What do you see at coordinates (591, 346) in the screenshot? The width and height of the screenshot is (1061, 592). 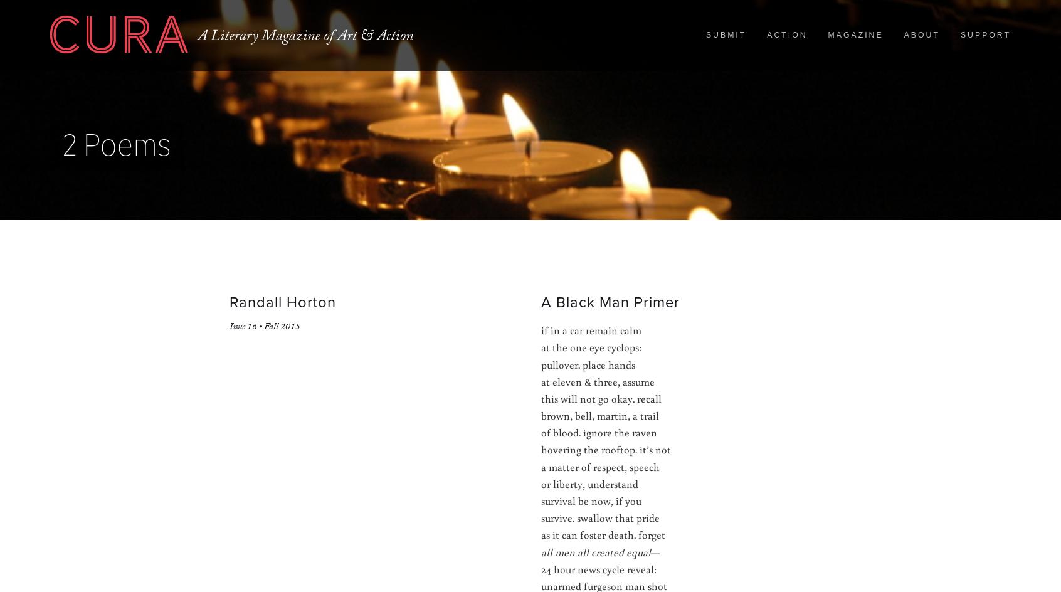 I see `'at the one eye cyclops:'` at bounding box center [591, 346].